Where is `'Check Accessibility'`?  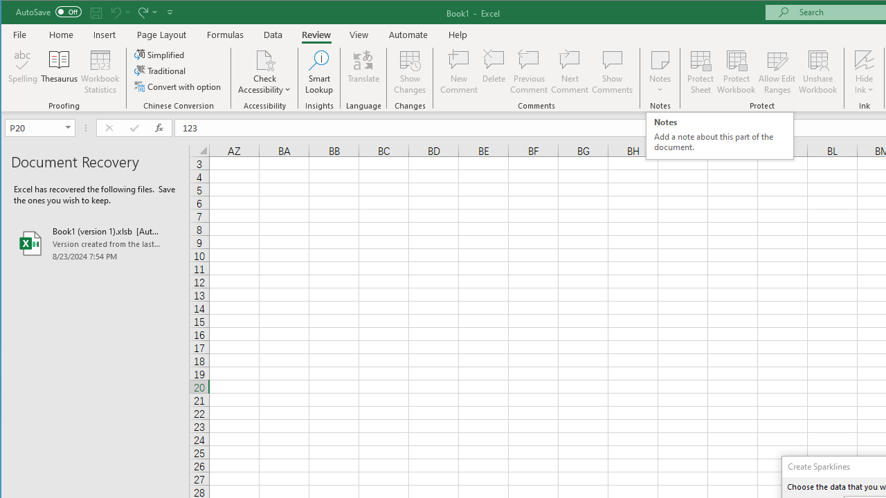
'Check Accessibility' is located at coordinates (264, 59).